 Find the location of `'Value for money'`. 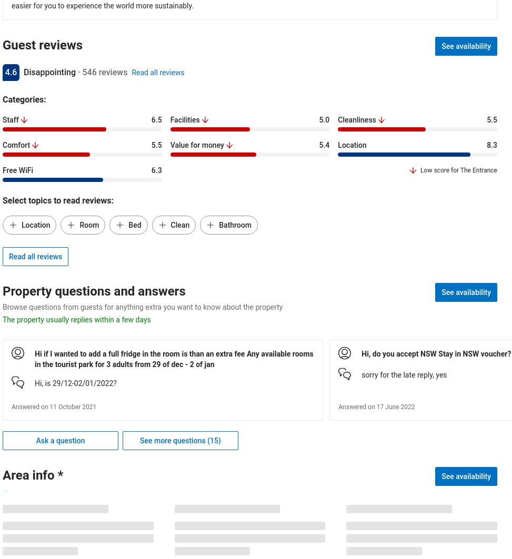

'Value for money' is located at coordinates (196, 145).